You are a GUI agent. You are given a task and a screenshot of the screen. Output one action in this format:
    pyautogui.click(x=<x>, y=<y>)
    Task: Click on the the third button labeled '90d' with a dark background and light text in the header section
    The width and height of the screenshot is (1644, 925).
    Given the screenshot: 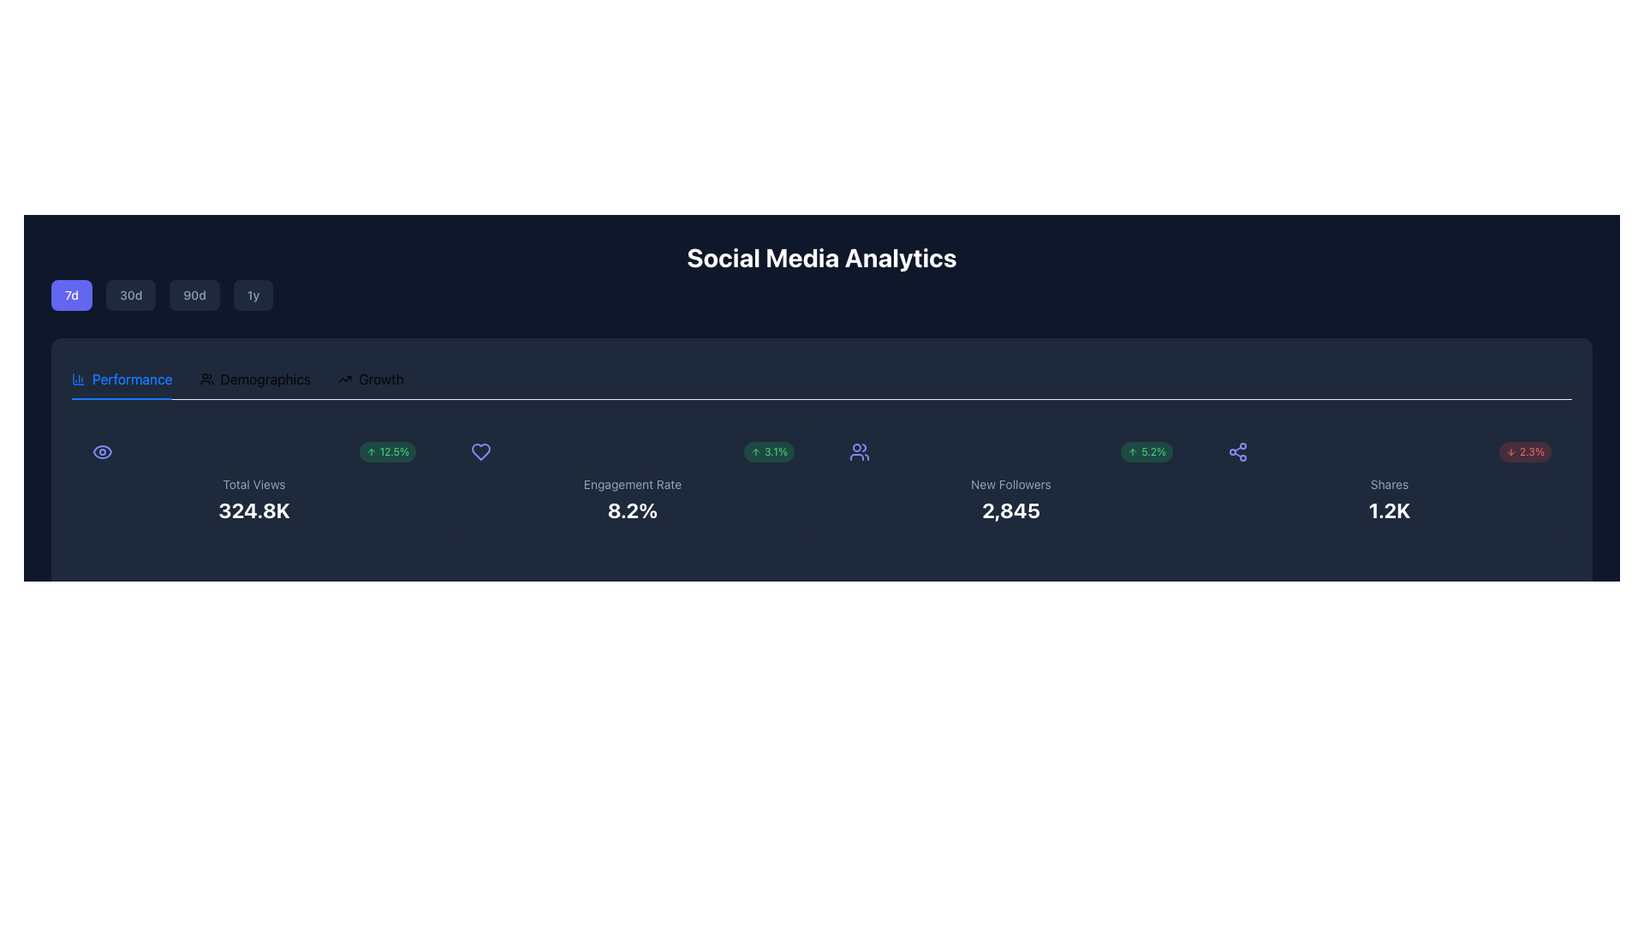 What is the action you would take?
    pyautogui.click(x=194, y=294)
    